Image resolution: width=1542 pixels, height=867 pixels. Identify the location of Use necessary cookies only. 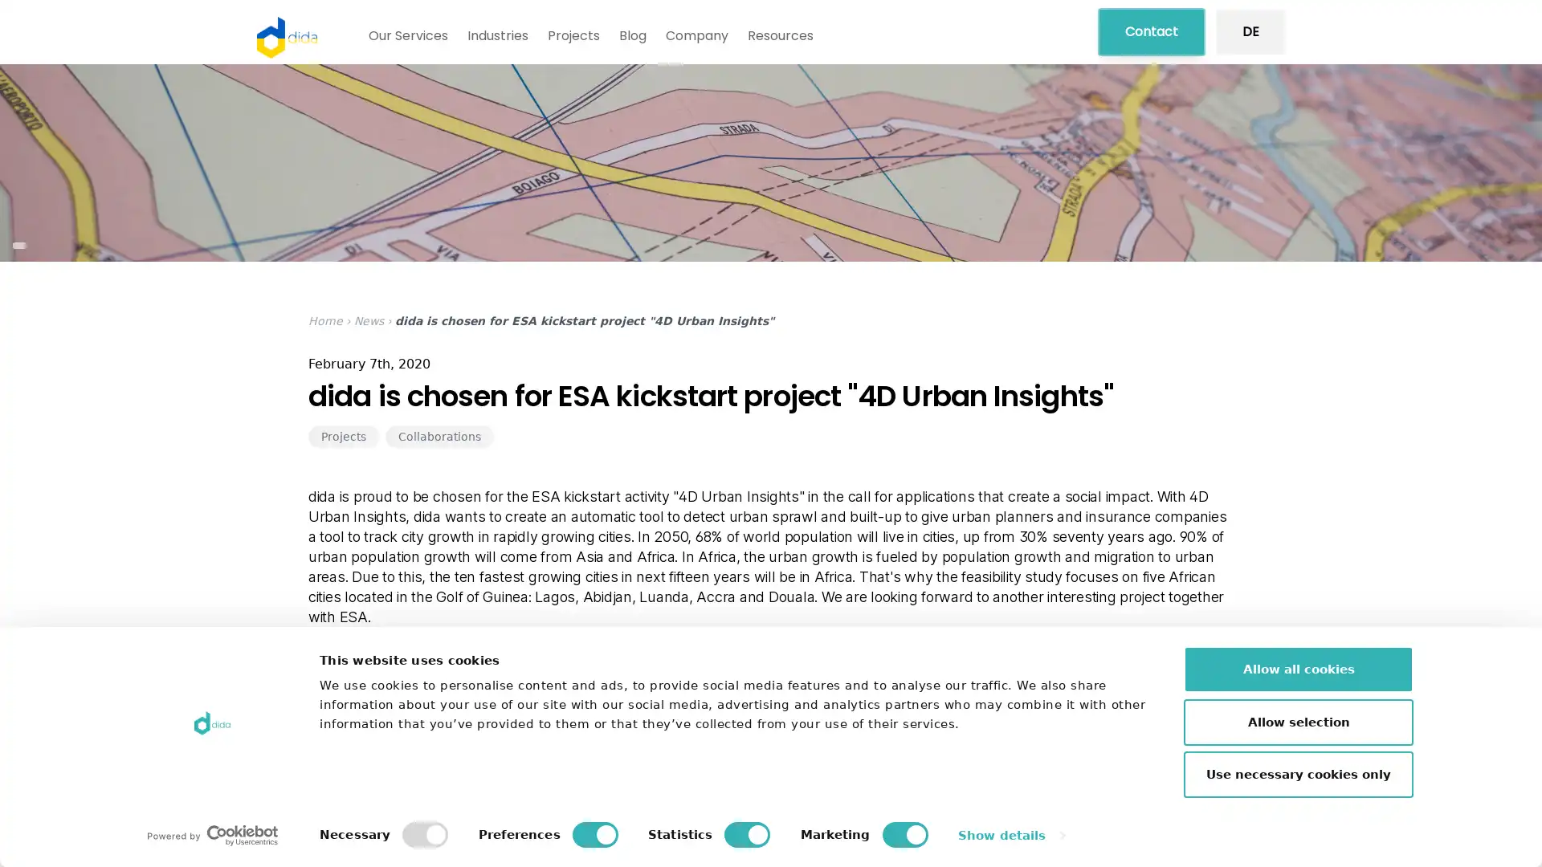
(1299, 773).